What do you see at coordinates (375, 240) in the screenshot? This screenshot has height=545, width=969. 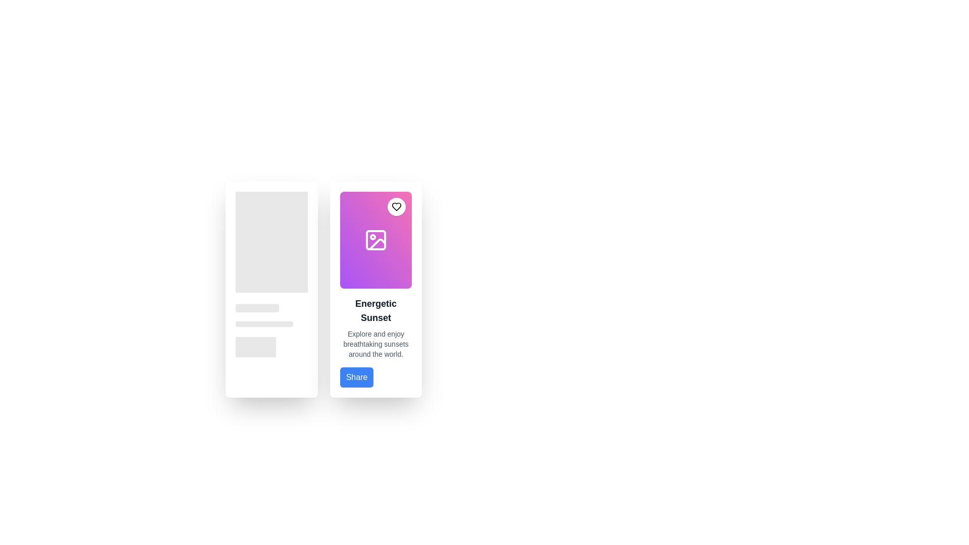 I see `the representational graphic icon symbolizing an image or gallery, which is centered in the upper half of the purple-to-pink gradient area of its card` at bounding box center [375, 240].